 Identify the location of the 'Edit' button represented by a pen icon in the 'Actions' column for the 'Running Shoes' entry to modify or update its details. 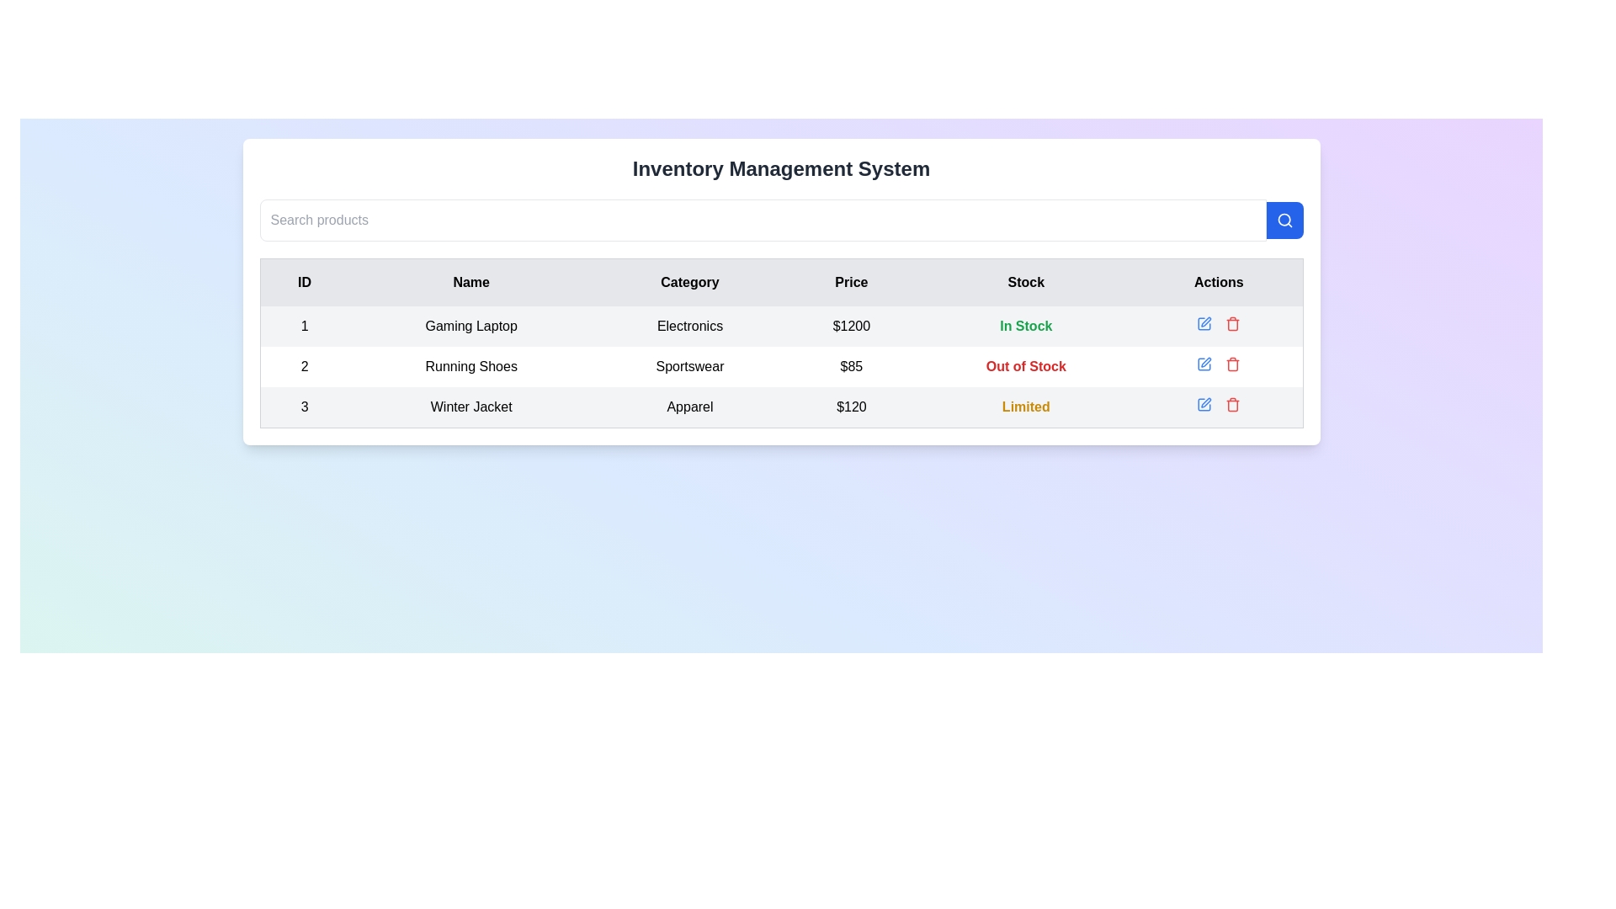
(1205, 361).